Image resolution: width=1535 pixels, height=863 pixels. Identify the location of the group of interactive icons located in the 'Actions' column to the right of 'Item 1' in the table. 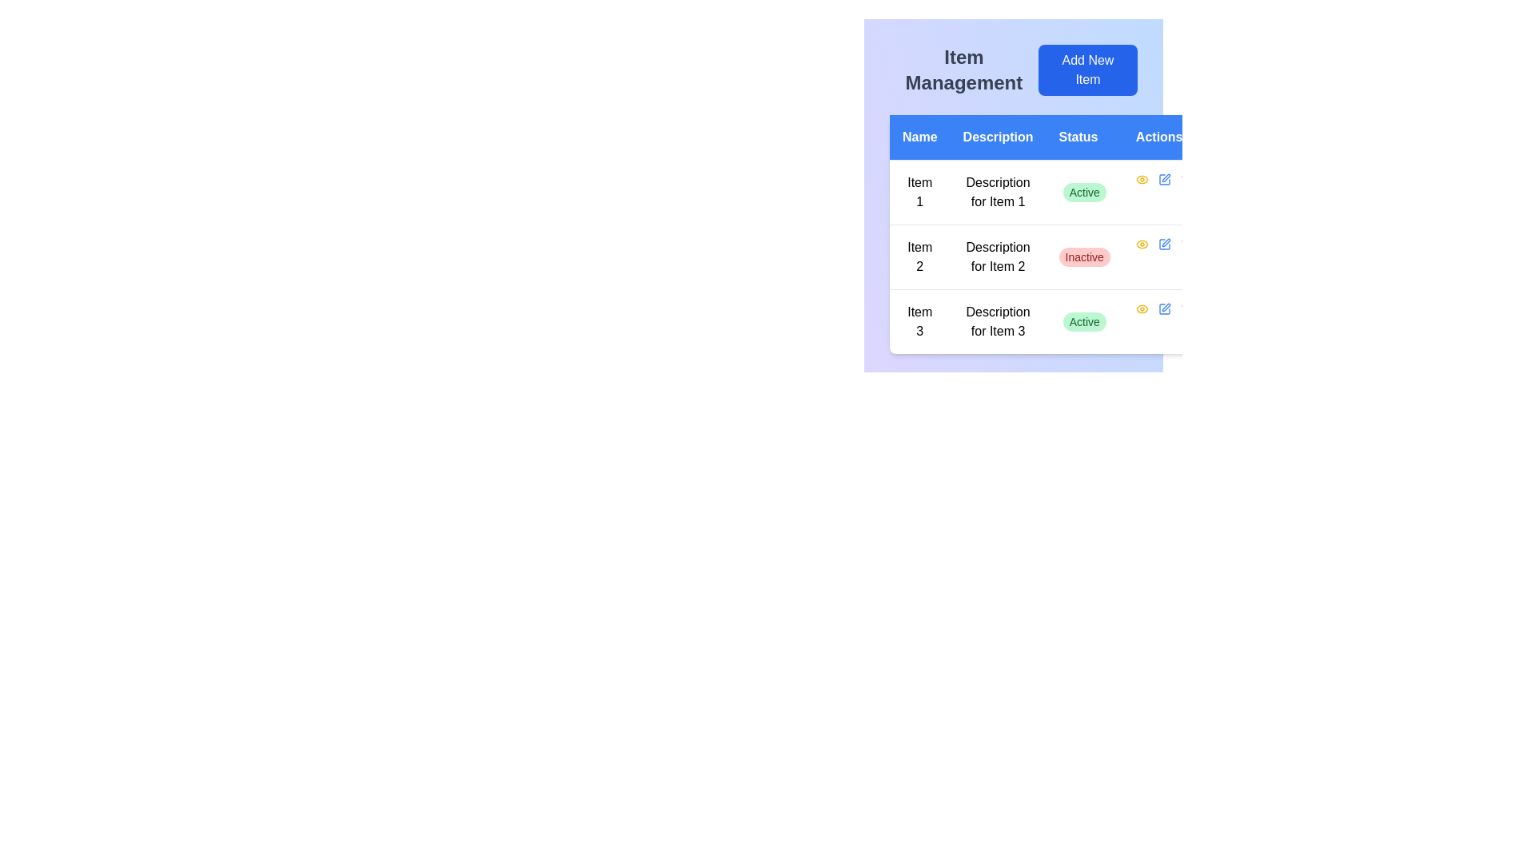
(1164, 179).